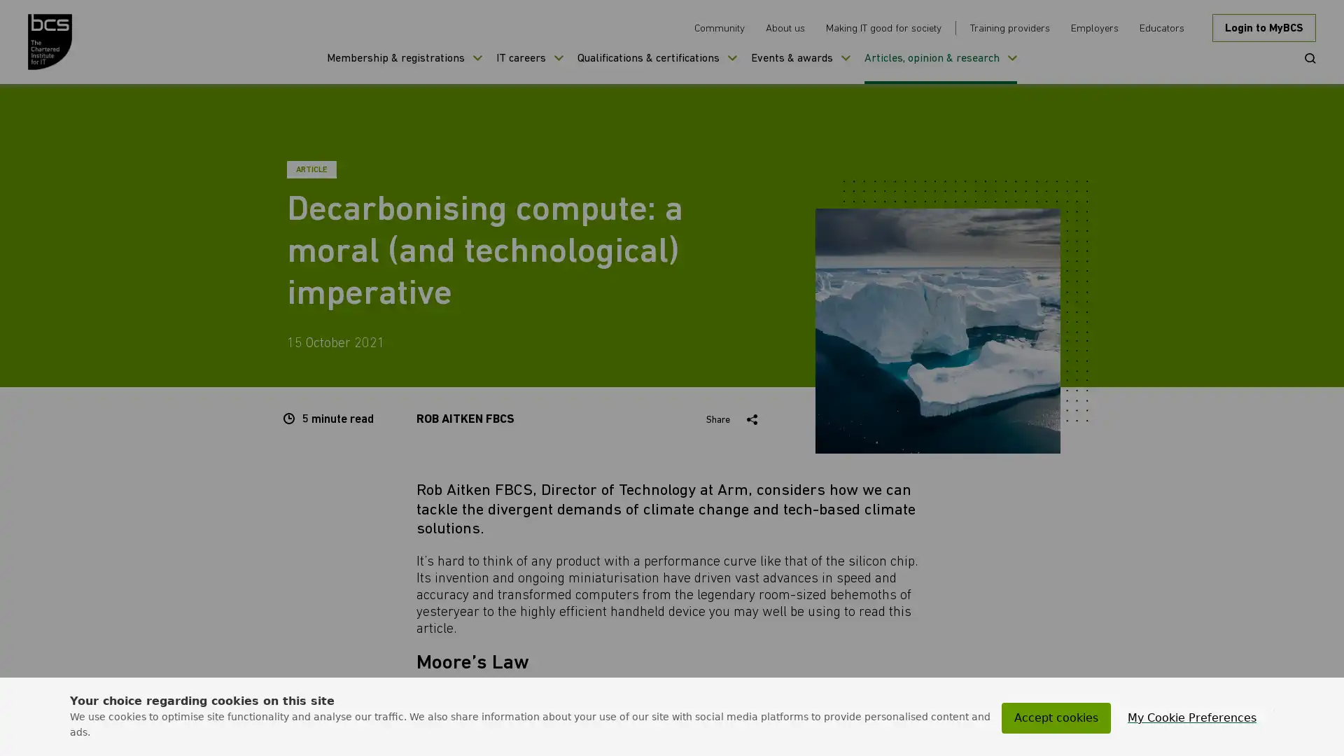  What do you see at coordinates (1273, 710) in the screenshot?
I see `Close Cookie Control` at bounding box center [1273, 710].